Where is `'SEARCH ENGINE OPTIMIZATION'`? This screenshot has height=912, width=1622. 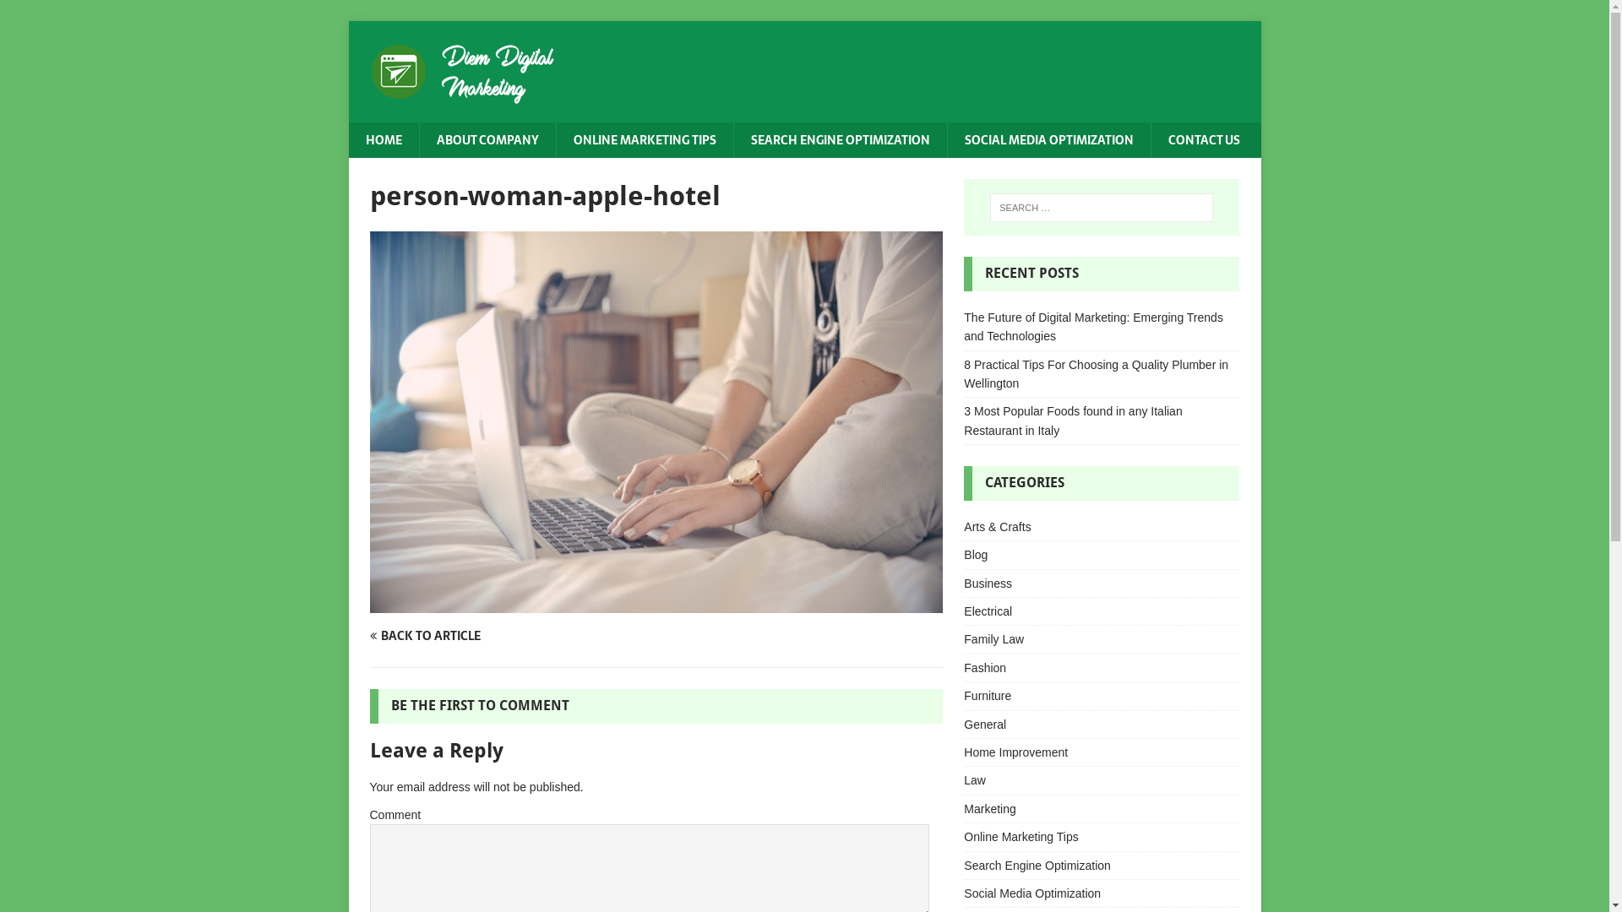
'SEARCH ENGINE OPTIMIZATION' is located at coordinates (733, 138).